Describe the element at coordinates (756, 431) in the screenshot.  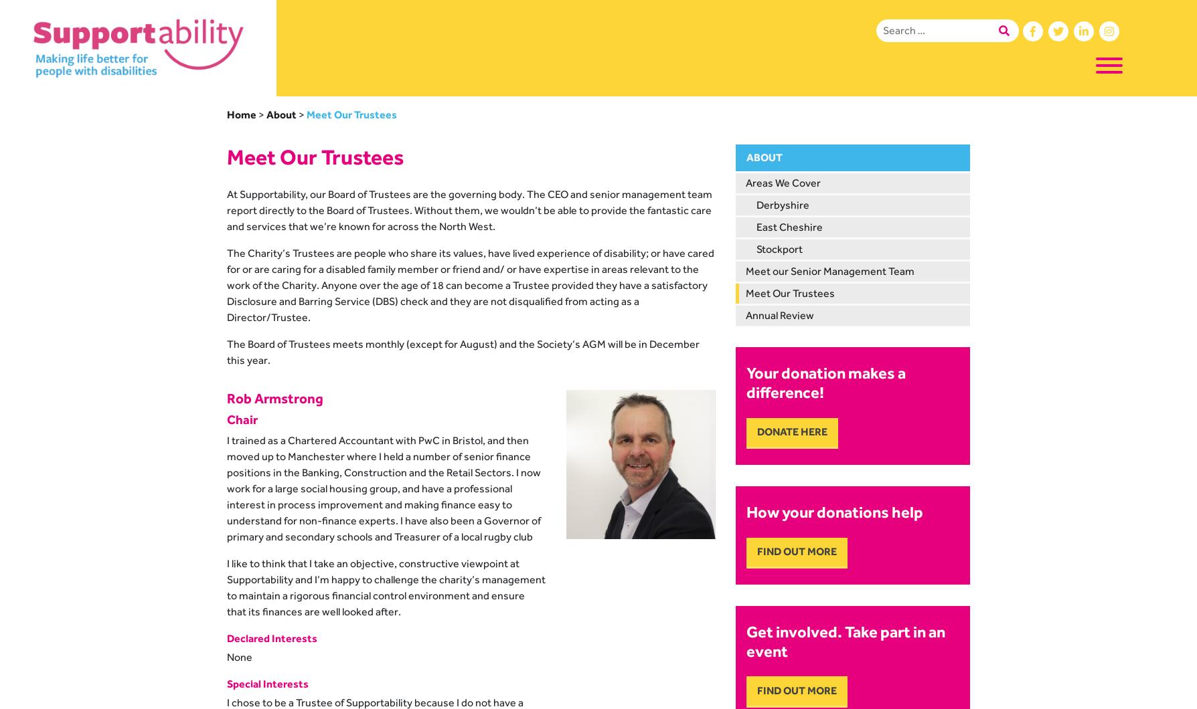
I see `'DONATE HERE'` at that location.